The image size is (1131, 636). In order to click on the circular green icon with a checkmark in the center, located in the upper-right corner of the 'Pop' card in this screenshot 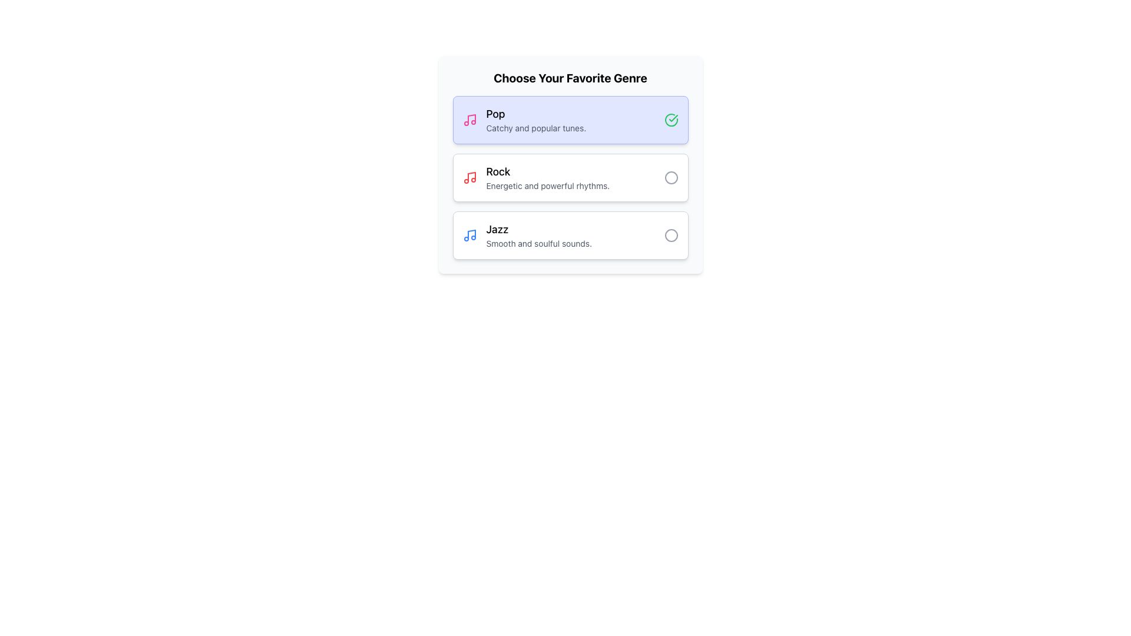, I will do `click(671, 120)`.